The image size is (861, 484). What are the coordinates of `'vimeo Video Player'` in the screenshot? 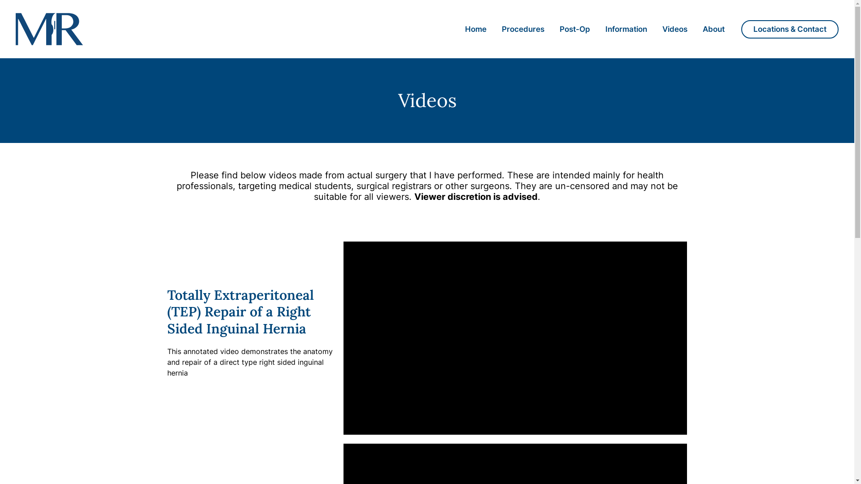 It's located at (343, 338).